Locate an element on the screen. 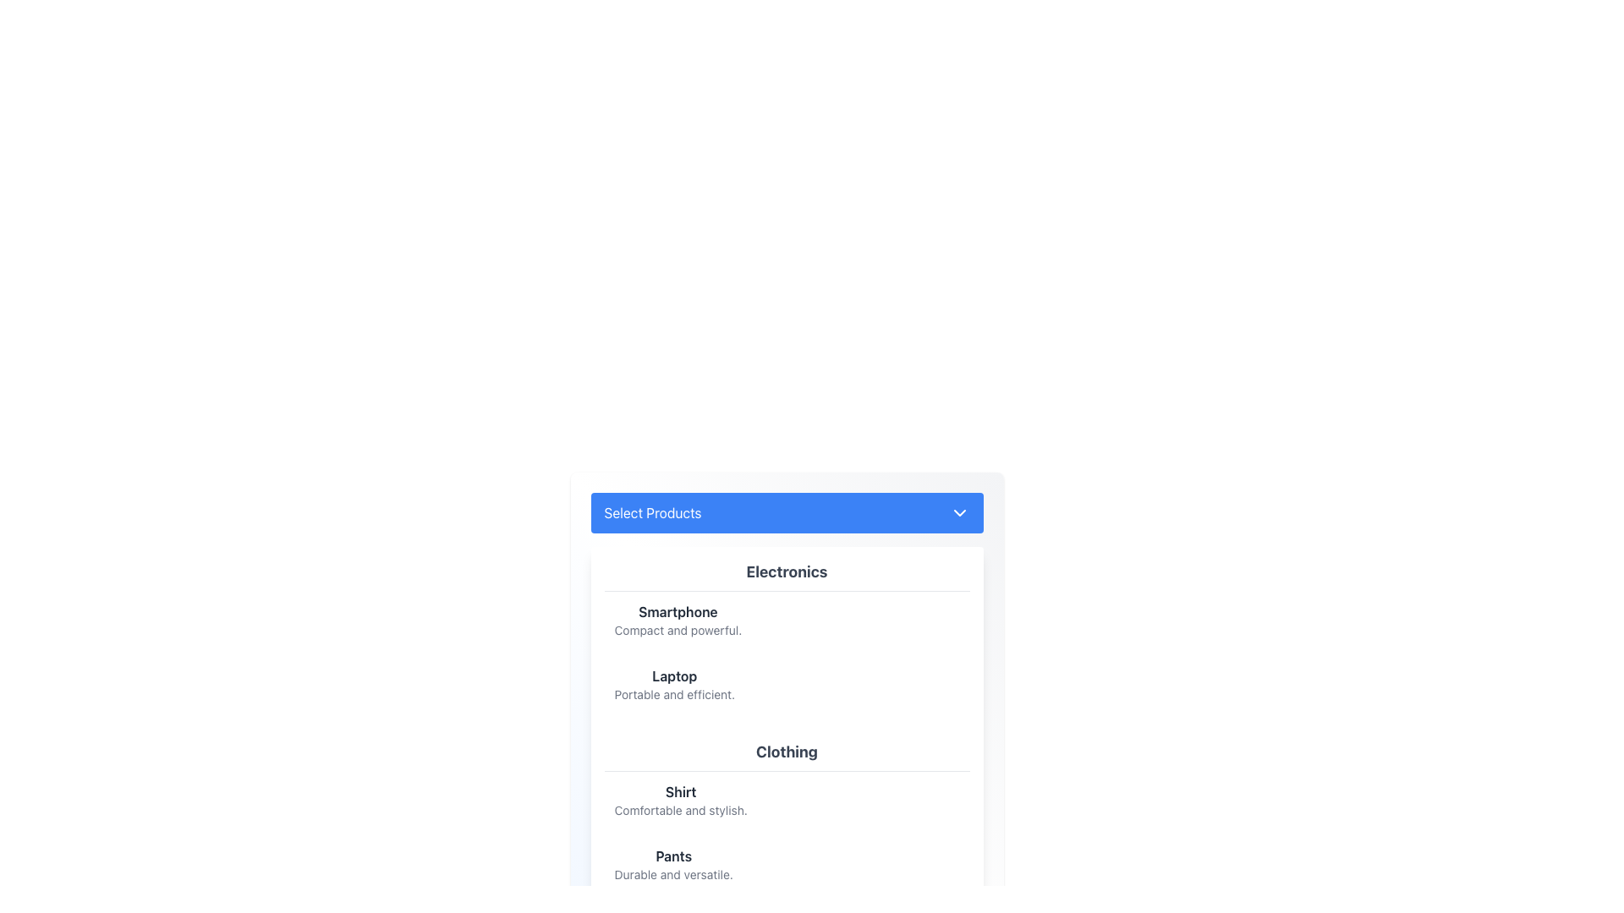  the prominent blue 'Select Products' button with rounded corners is located at coordinates (786, 511).